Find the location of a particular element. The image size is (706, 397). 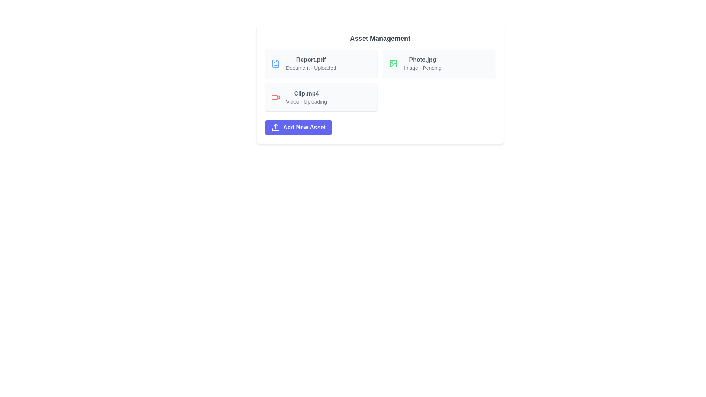

'Add New Asset' button is located at coordinates (298, 127).